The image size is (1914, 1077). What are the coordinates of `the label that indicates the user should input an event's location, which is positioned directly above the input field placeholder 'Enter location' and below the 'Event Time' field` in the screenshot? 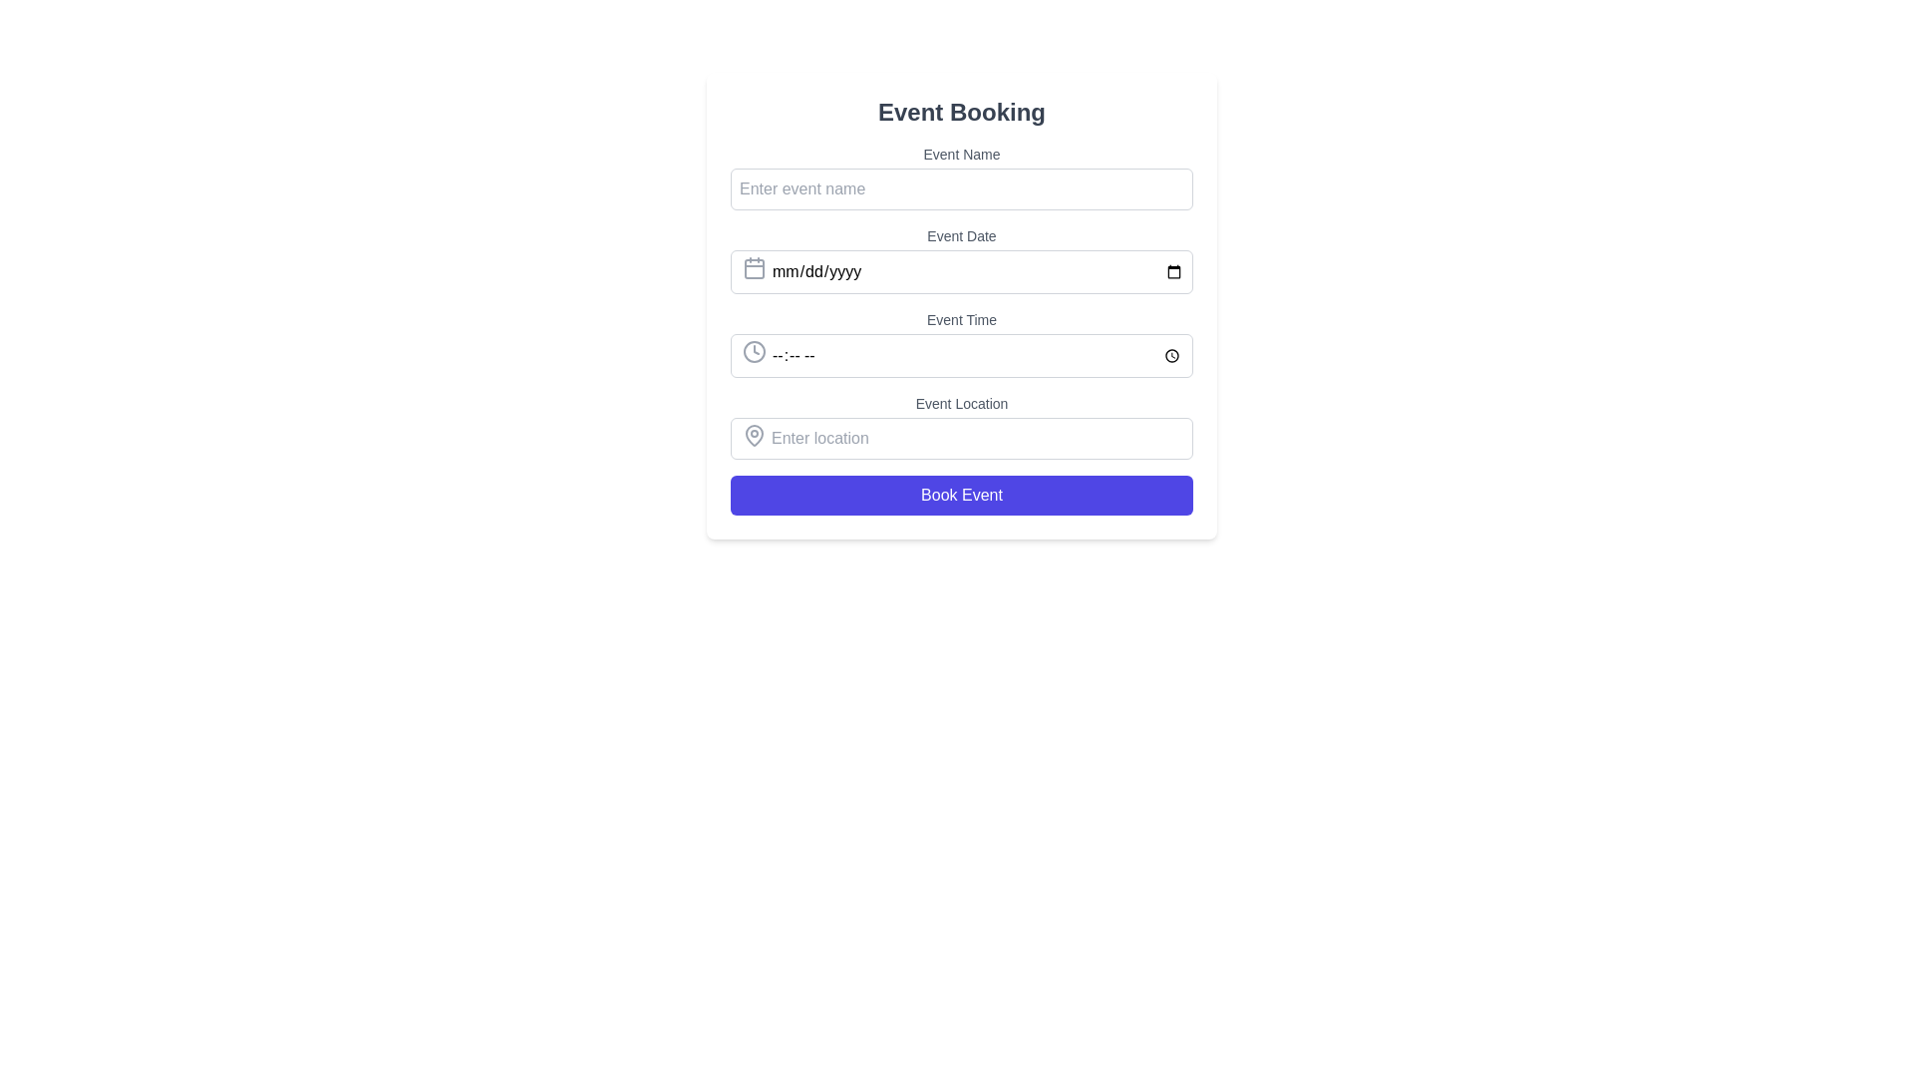 It's located at (961, 404).